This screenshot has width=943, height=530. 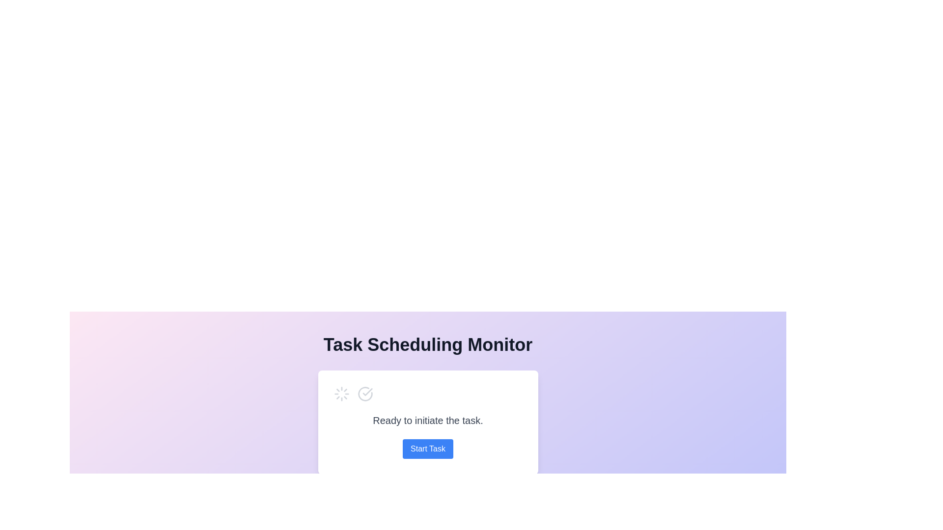 I want to click on the button located within a white, shadowed card under the header text 'Ready to initiate the task' to observe the hover effect, so click(x=428, y=449).